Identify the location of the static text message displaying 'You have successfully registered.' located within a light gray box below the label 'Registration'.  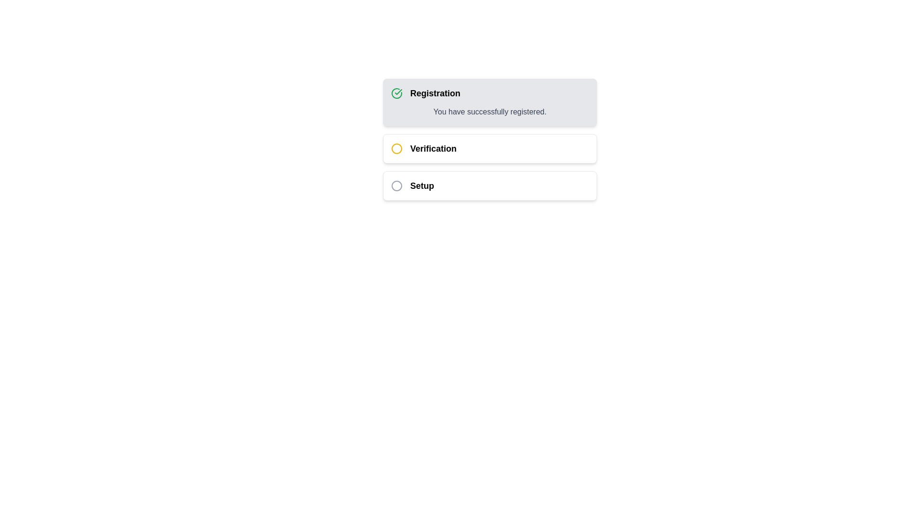
(490, 112).